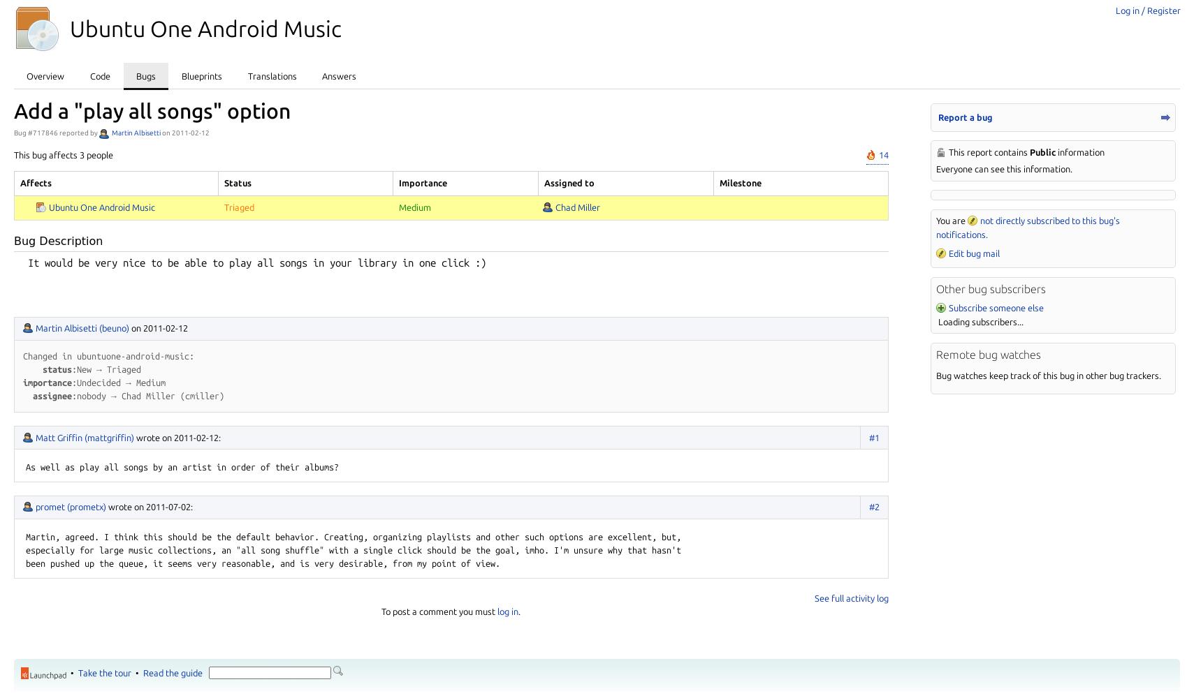  What do you see at coordinates (144, 75) in the screenshot?
I see `'Bugs'` at bounding box center [144, 75].